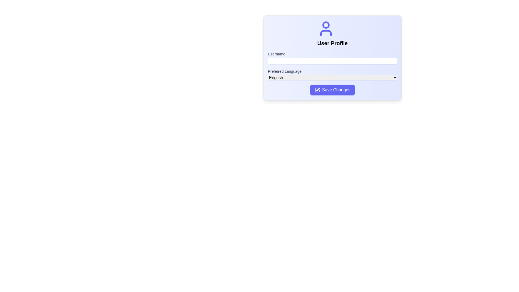  Describe the element at coordinates (317, 89) in the screenshot. I see `the editing action icon located to the left of the 'Save Changes' button at the bottom-right corner of the 'User Profile' form` at that location.